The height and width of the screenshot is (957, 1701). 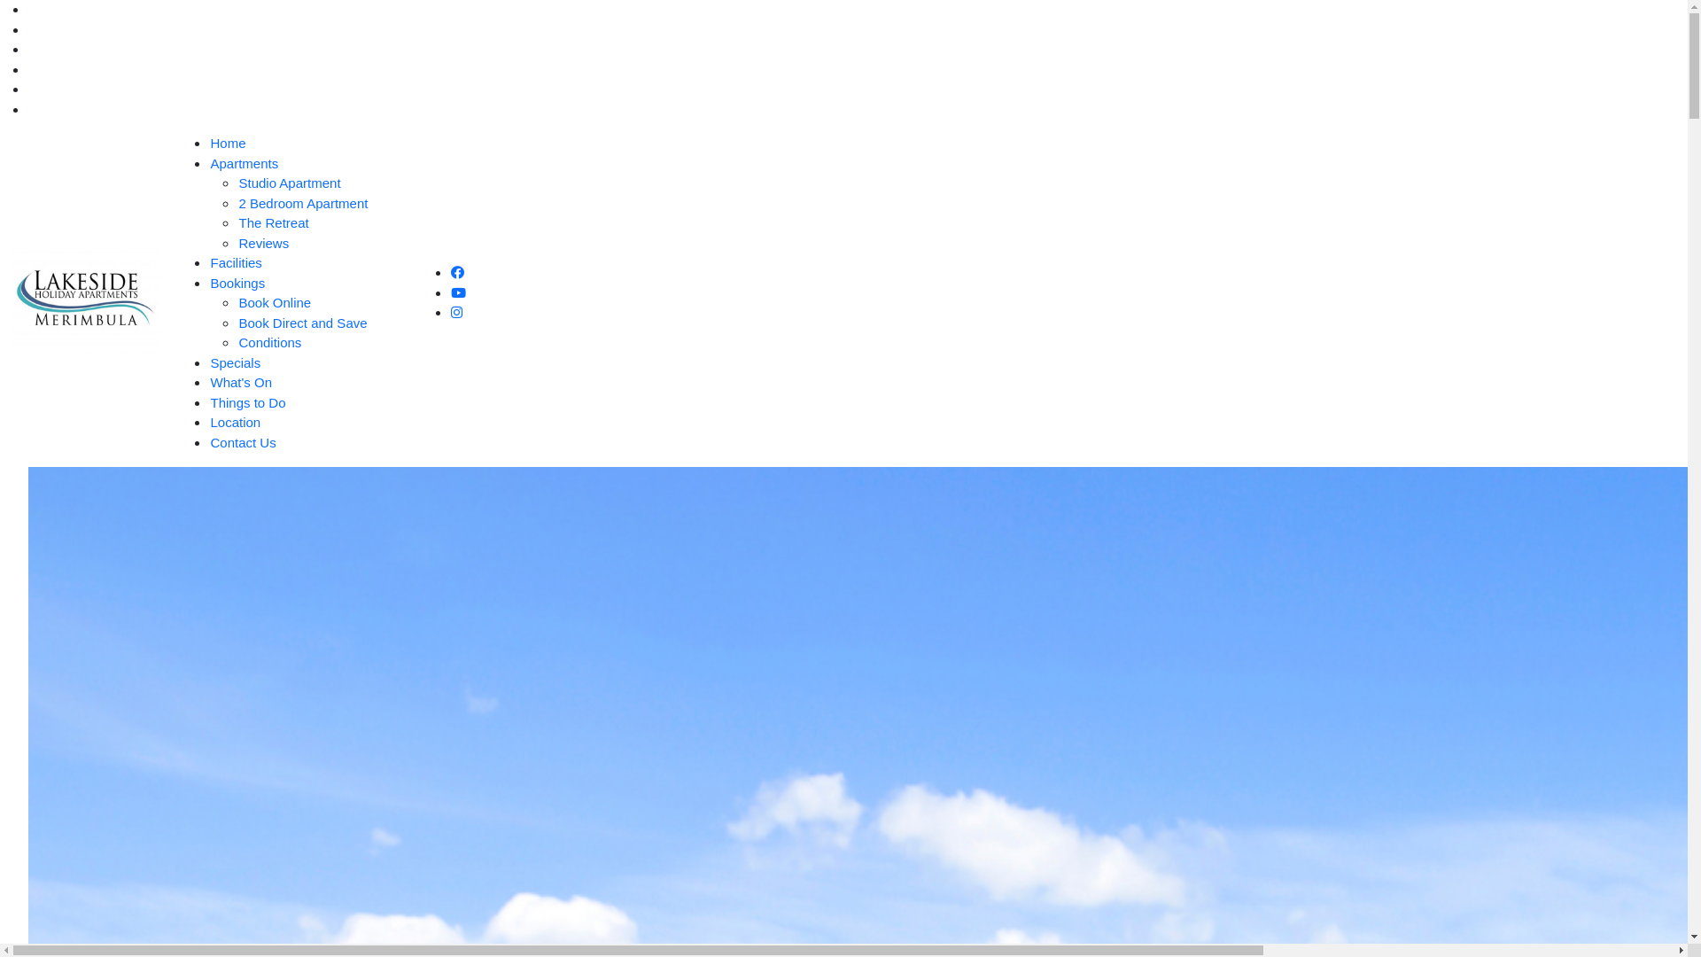 What do you see at coordinates (227, 142) in the screenshot?
I see `'Home'` at bounding box center [227, 142].